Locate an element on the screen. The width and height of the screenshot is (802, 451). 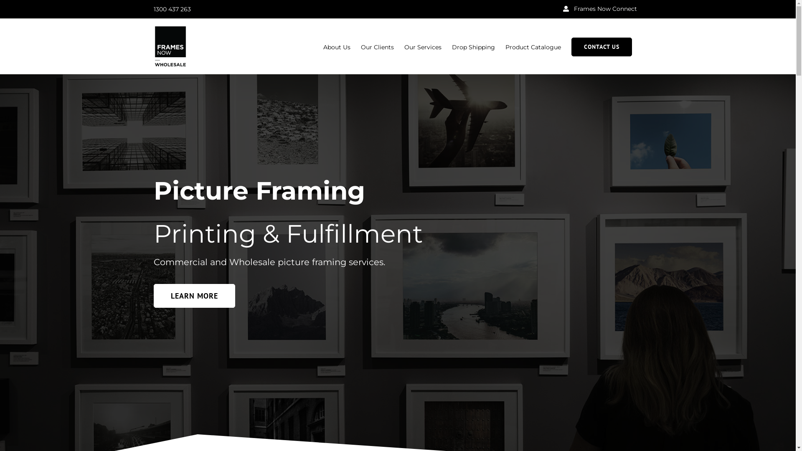
'Our Services' is located at coordinates (423, 46).